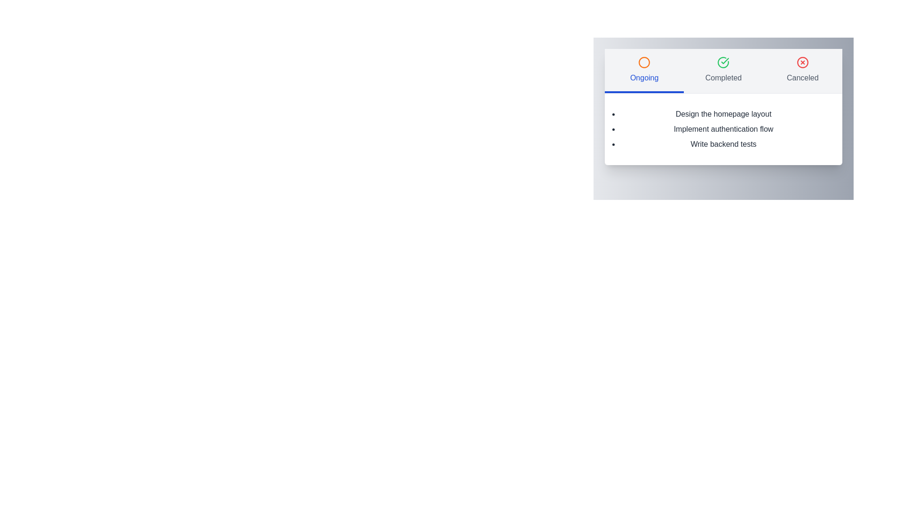 This screenshot has height=508, width=903. Describe the element at coordinates (802, 70) in the screenshot. I see `the tab labeled Canceled to reveal additional tooltips or effects` at that location.